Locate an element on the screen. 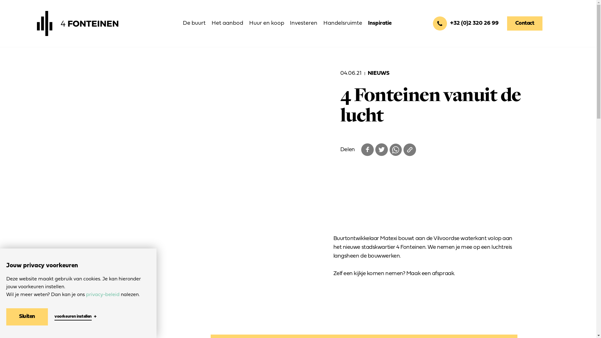  'Het aanbod' is located at coordinates (227, 23).